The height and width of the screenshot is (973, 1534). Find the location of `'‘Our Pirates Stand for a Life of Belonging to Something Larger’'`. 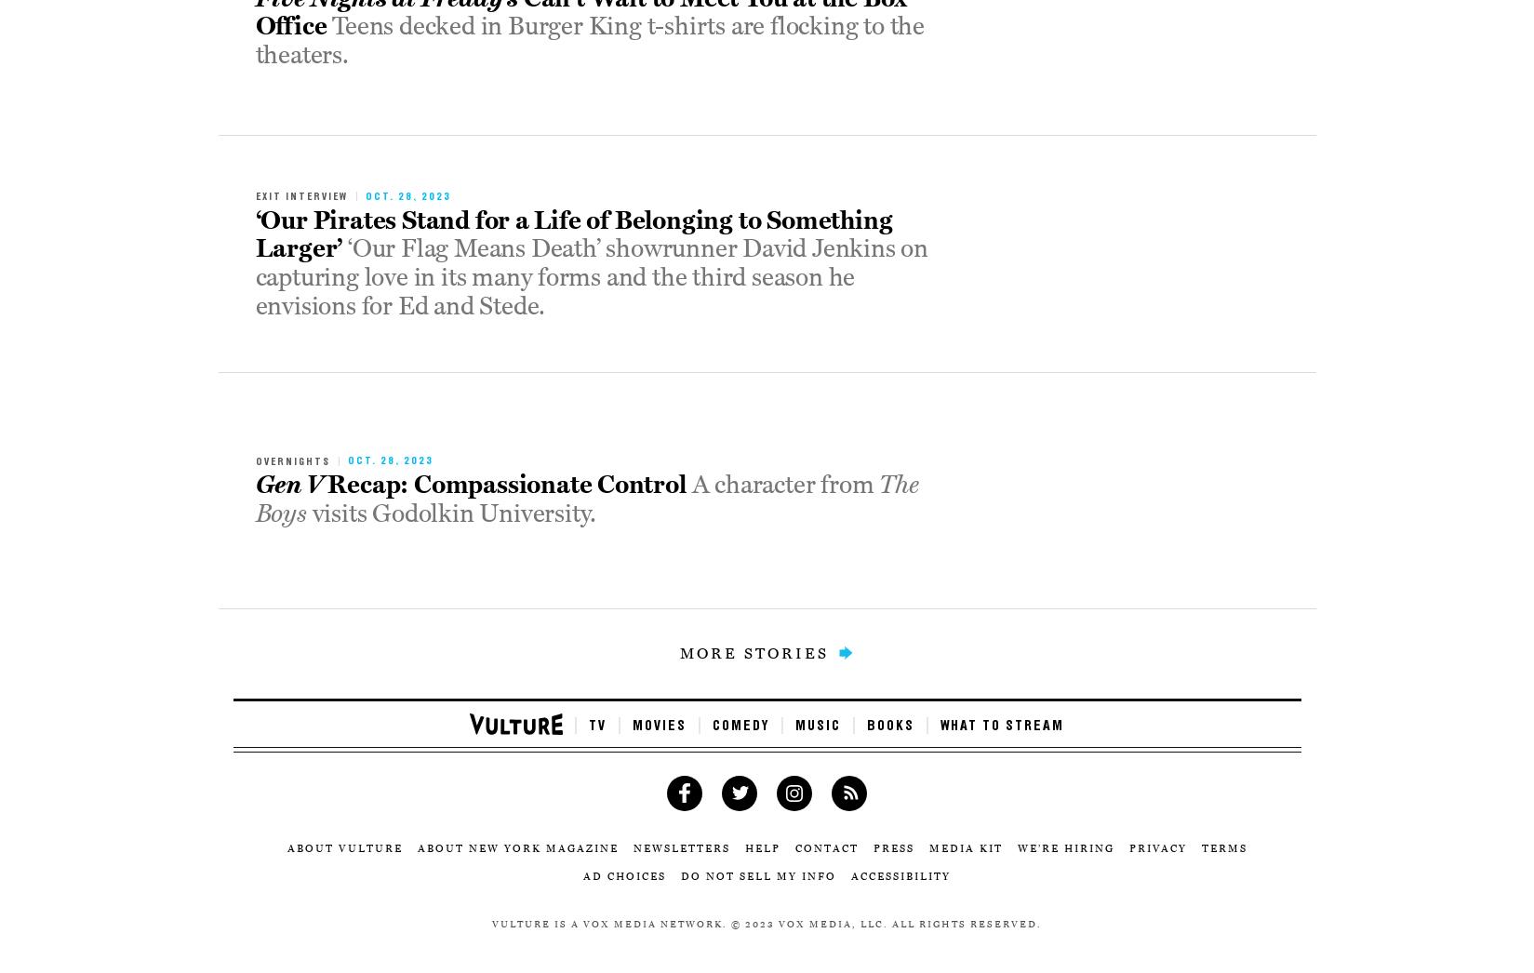

'‘Our Pirates Stand for a Life of Belonging to Something Larger’' is located at coordinates (573, 233).